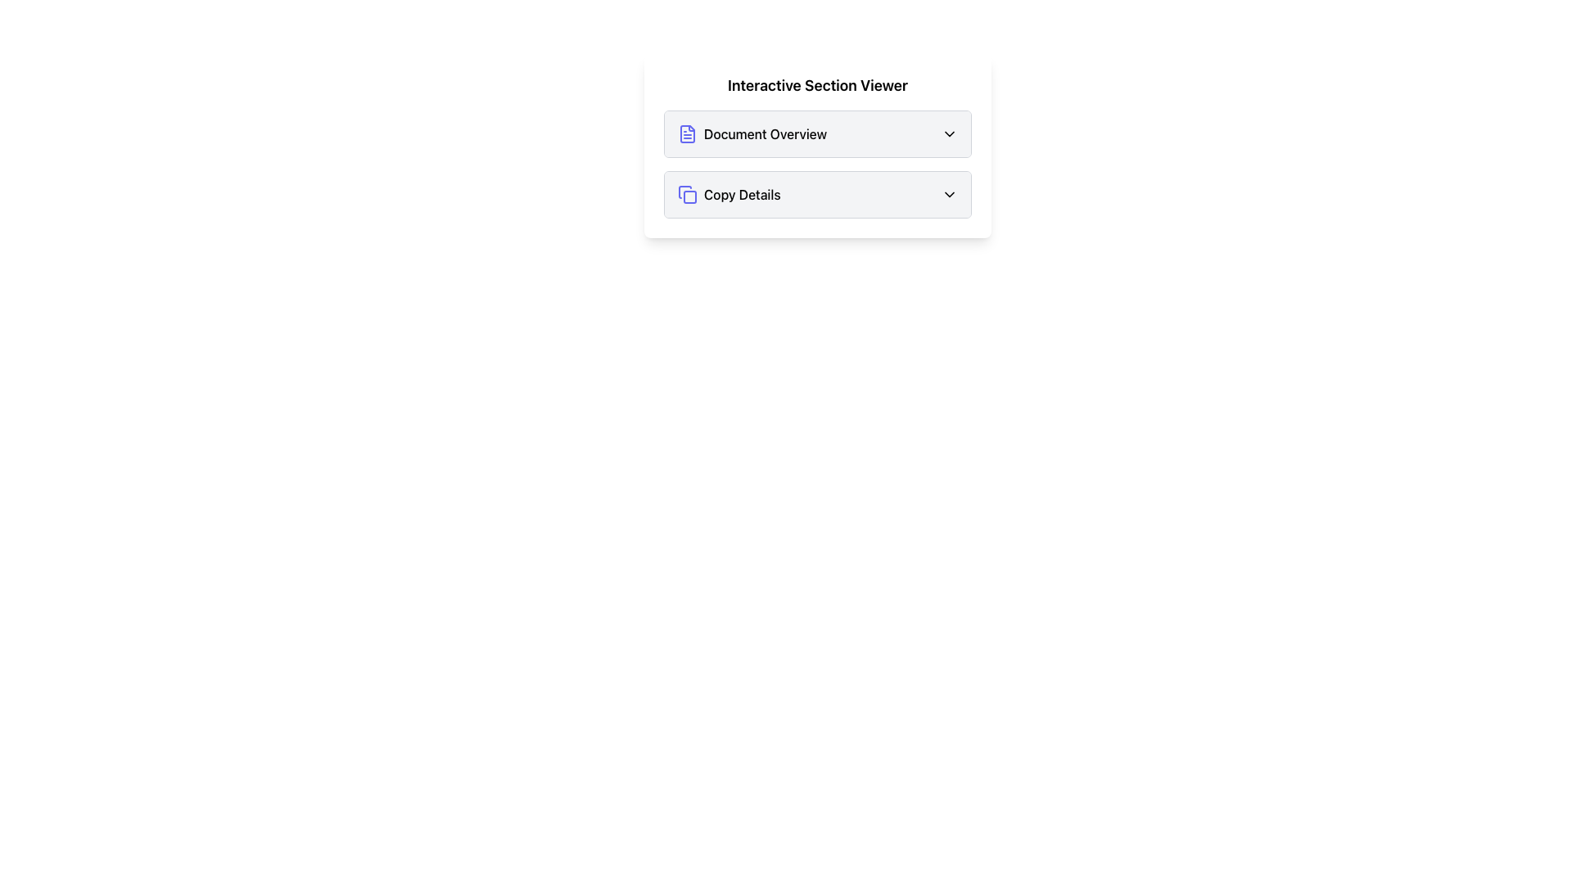  I want to click on the blue outlined square-shaped copy icon located to the left of the 'Copy Details' text in the interactive section viewer, so click(688, 194).